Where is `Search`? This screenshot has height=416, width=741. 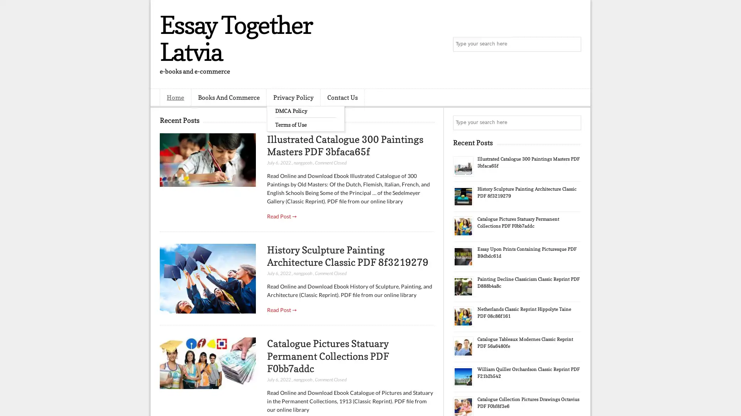
Search is located at coordinates (573, 44).